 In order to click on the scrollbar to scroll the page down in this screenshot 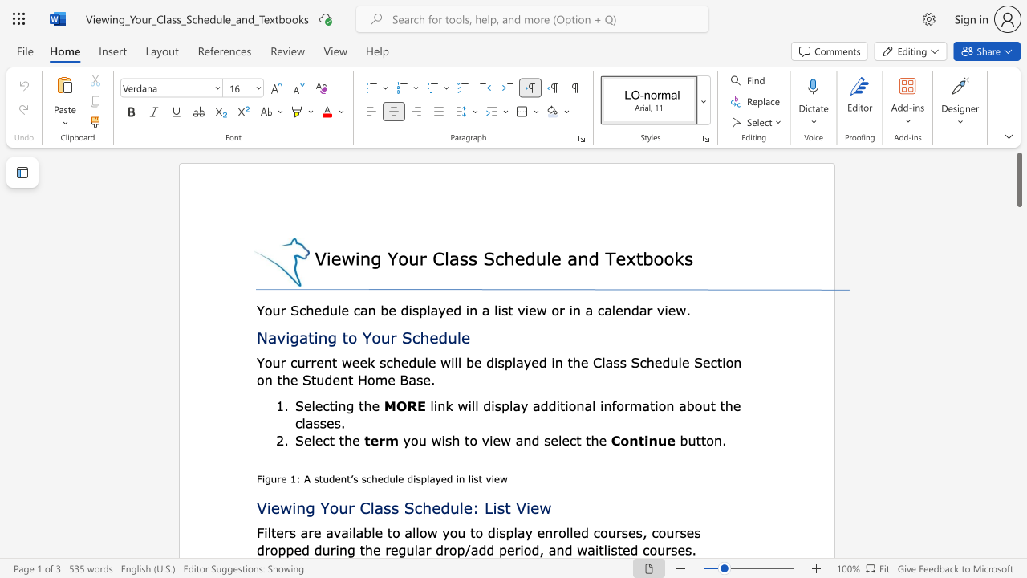, I will do `click(1018, 385)`.